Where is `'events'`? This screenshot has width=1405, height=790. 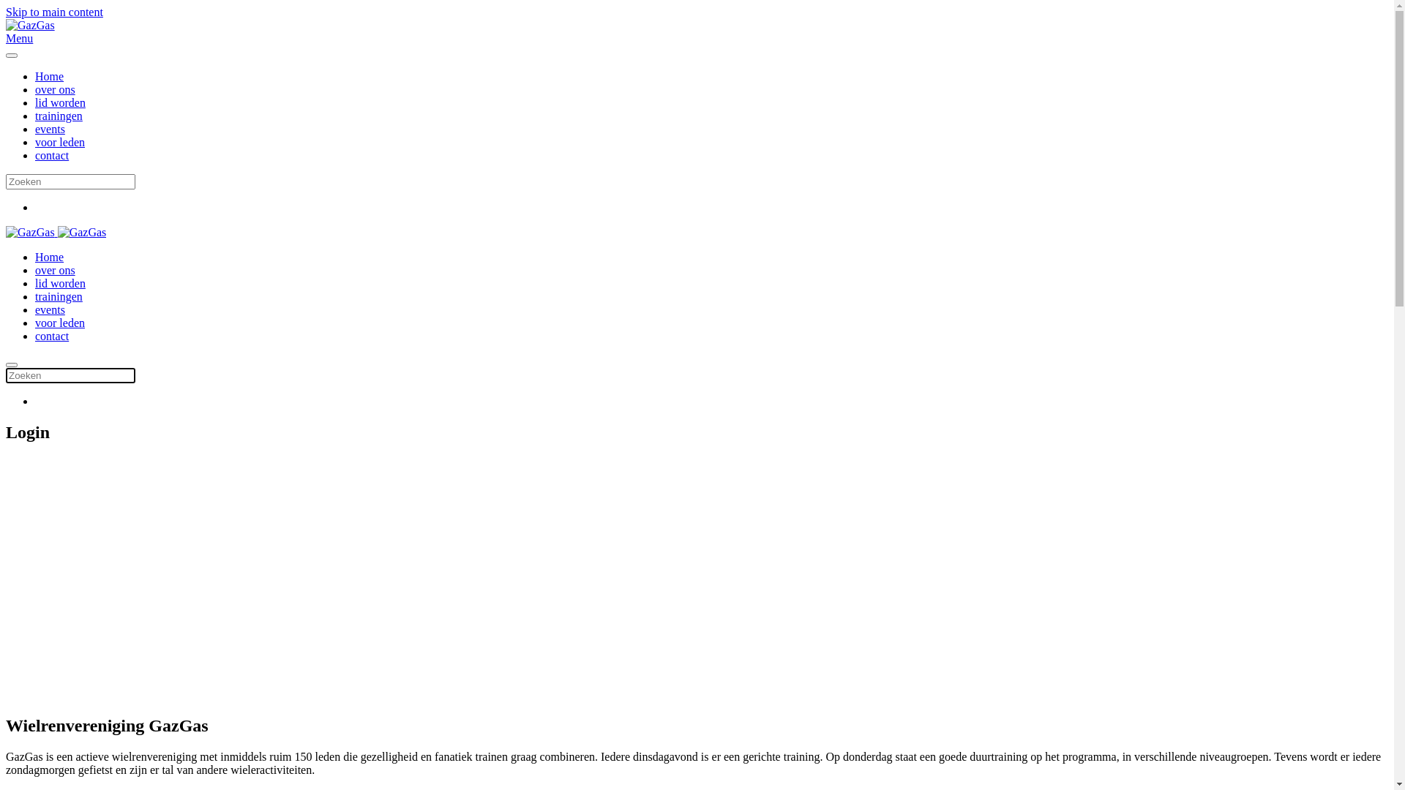
'events' is located at coordinates (50, 128).